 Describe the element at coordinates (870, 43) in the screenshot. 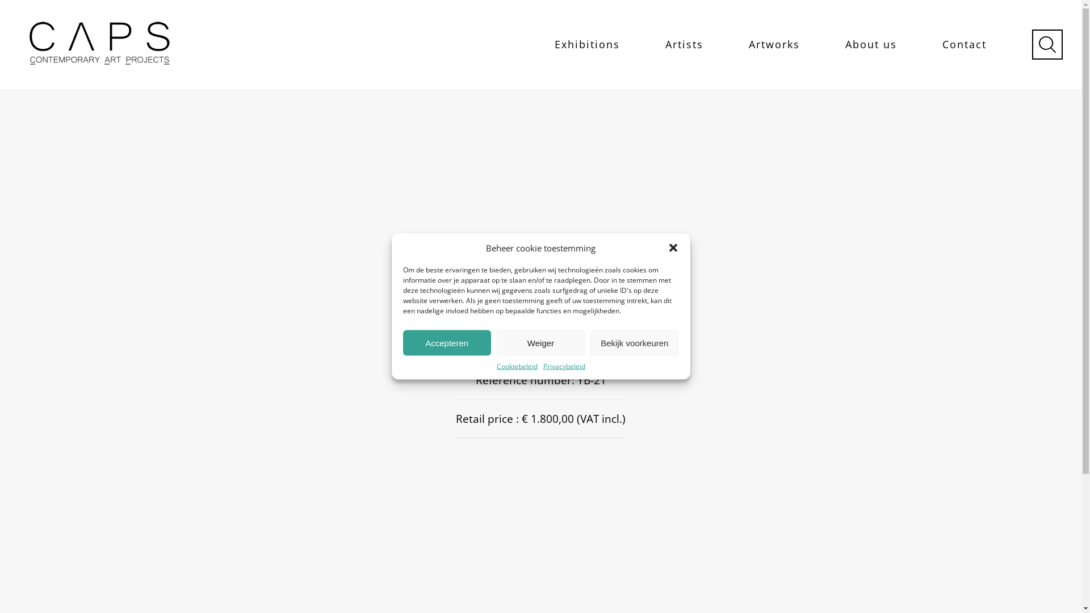

I see `'About us'` at that location.